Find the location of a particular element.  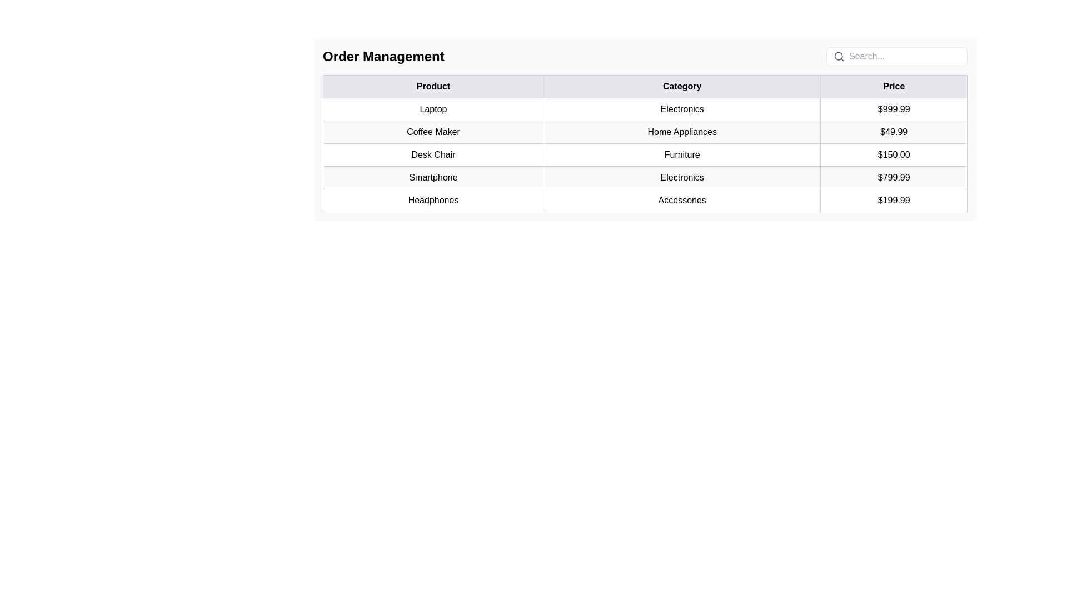

the informational text field categorizing 'Headphones' under the 'Accessories' category located in the fifth row of the table under the 'Category' column is located at coordinates (681, 201).